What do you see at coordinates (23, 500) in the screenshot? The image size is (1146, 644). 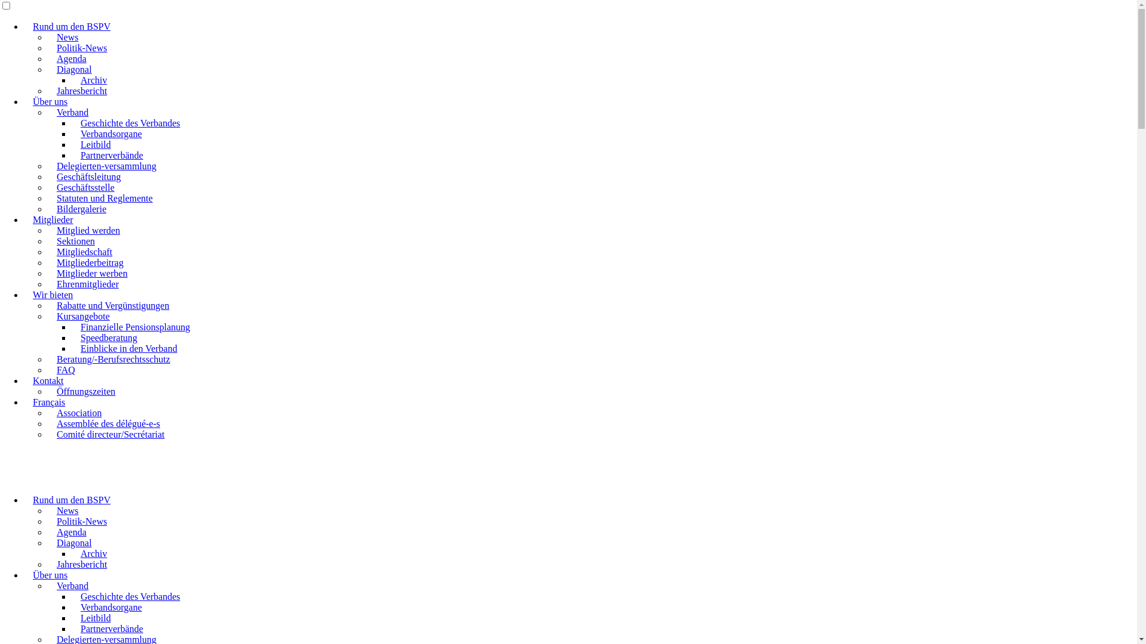 I see `'Rund um den BSPV'` at bounding box center [23, 500].